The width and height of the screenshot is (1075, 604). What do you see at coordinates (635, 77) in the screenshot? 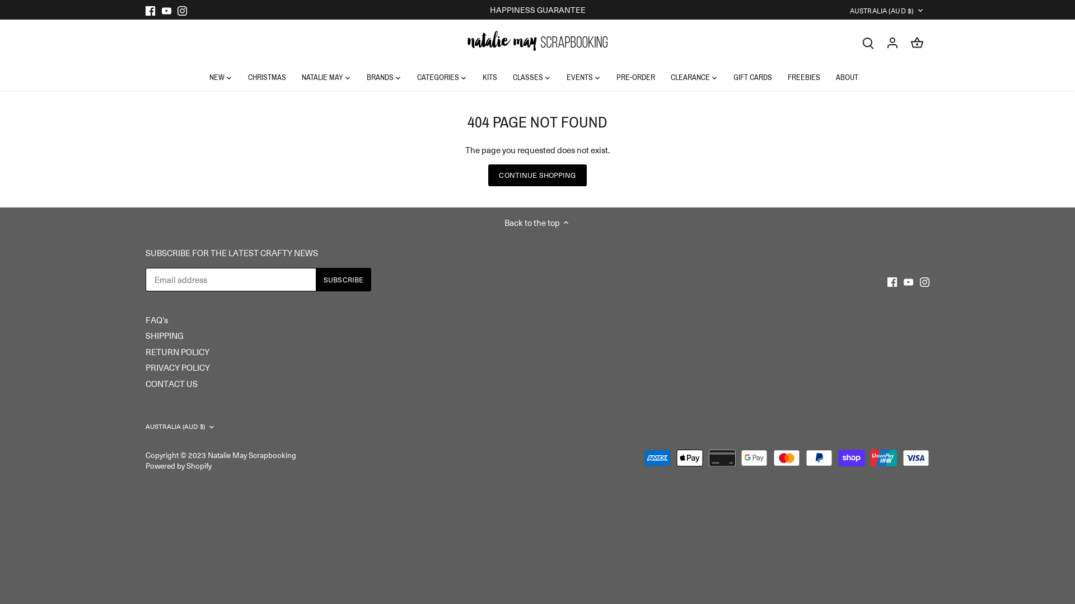
I see `'PRE-ORDER'` at bounding box center [635, 77].